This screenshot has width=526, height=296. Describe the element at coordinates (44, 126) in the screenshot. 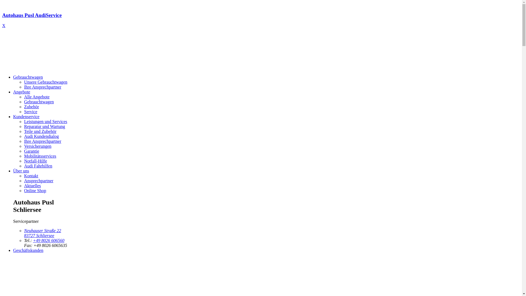

I see `'Reparatur und Wartung'` at that location.